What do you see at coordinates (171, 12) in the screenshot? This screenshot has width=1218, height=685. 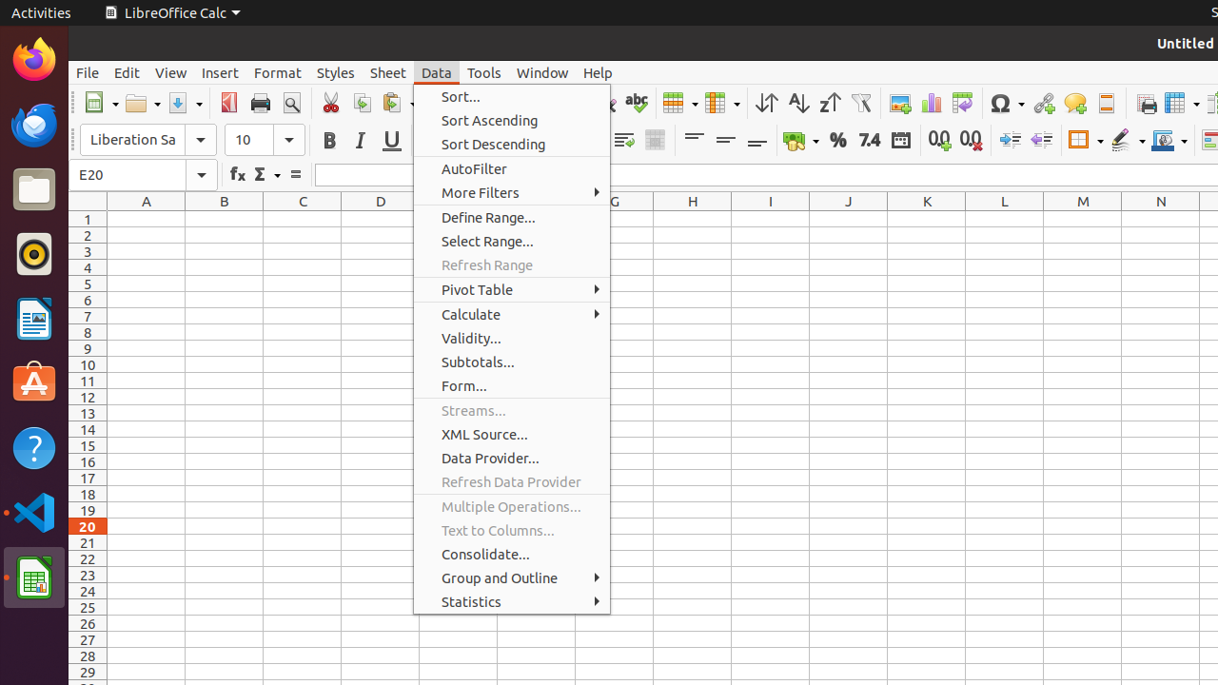 I see `'LibreOffice Calc'` at bounding box center [171, 12].